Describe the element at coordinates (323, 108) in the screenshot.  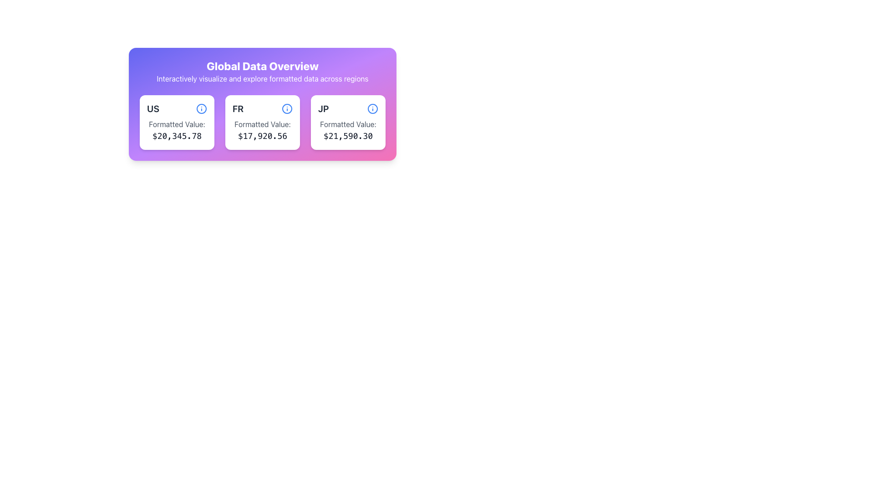
I see `text element displaying 'JP', which is styled in bold, large dark gray font and located in the top-left corner of the third card in a horizontal list` at that location.